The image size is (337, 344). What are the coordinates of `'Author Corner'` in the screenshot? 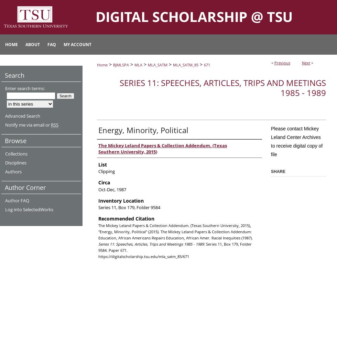 It's located at (25, 187).